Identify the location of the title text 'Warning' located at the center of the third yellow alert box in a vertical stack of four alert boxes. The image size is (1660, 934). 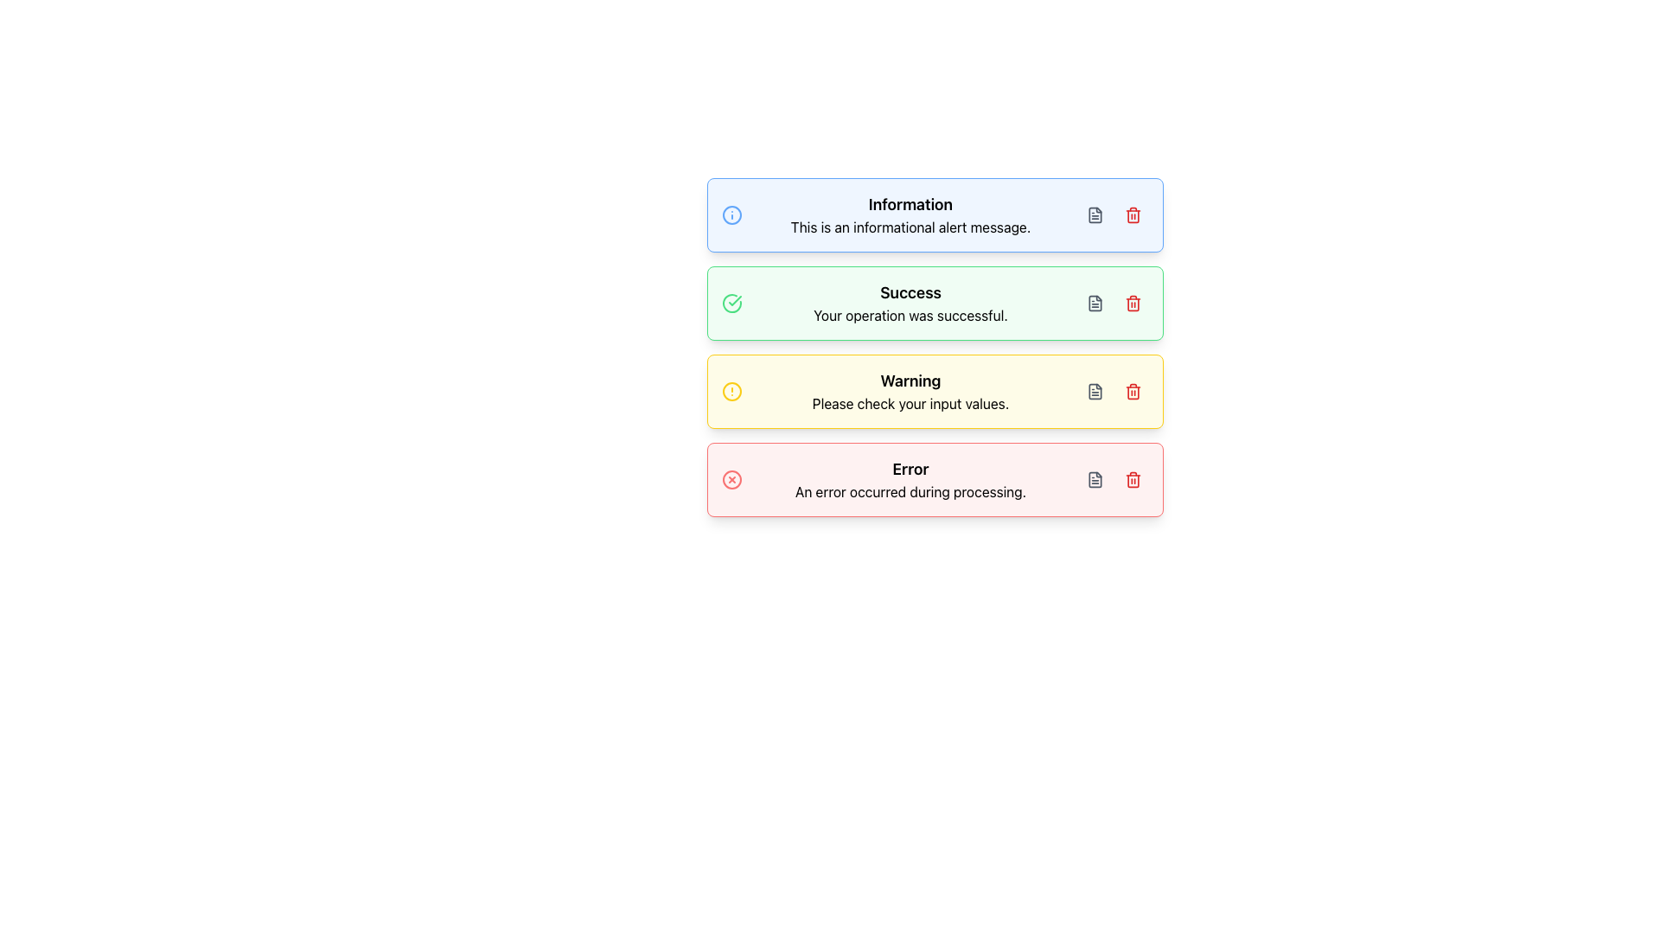
(910, 380).